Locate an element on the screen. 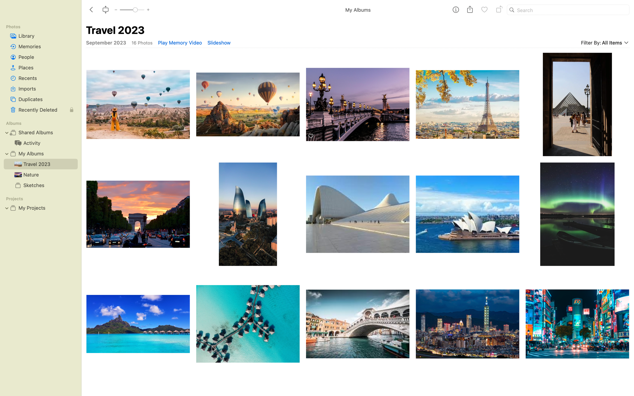 This screenshot has height=396, width=634. the image featuring the Louvre is located at coordinates (577, 103).